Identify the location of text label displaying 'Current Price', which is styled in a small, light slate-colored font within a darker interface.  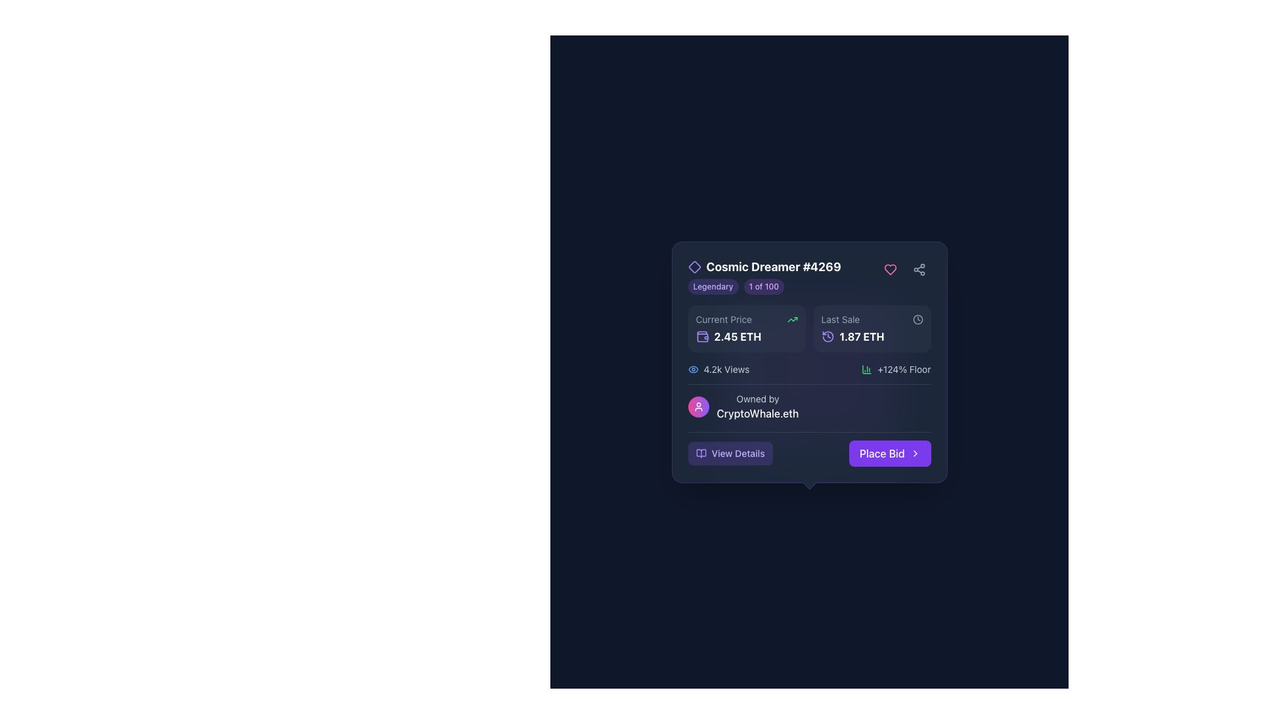
(723, 319).